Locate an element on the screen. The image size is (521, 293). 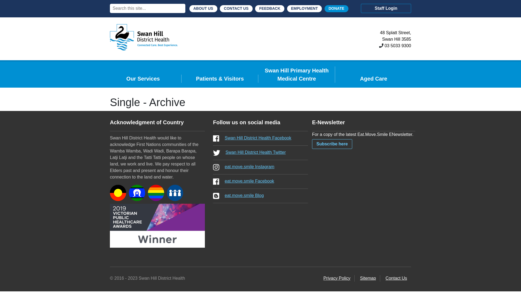
'Aged Care' is located at coordinates (373, 78).